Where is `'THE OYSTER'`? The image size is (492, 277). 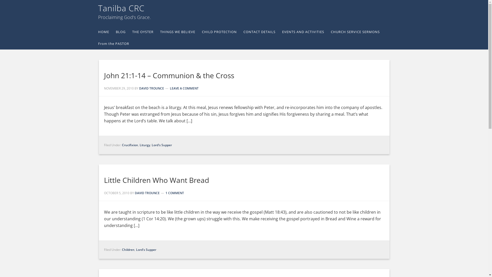 'THE OYSTER' is located at coordinates (146, 32).